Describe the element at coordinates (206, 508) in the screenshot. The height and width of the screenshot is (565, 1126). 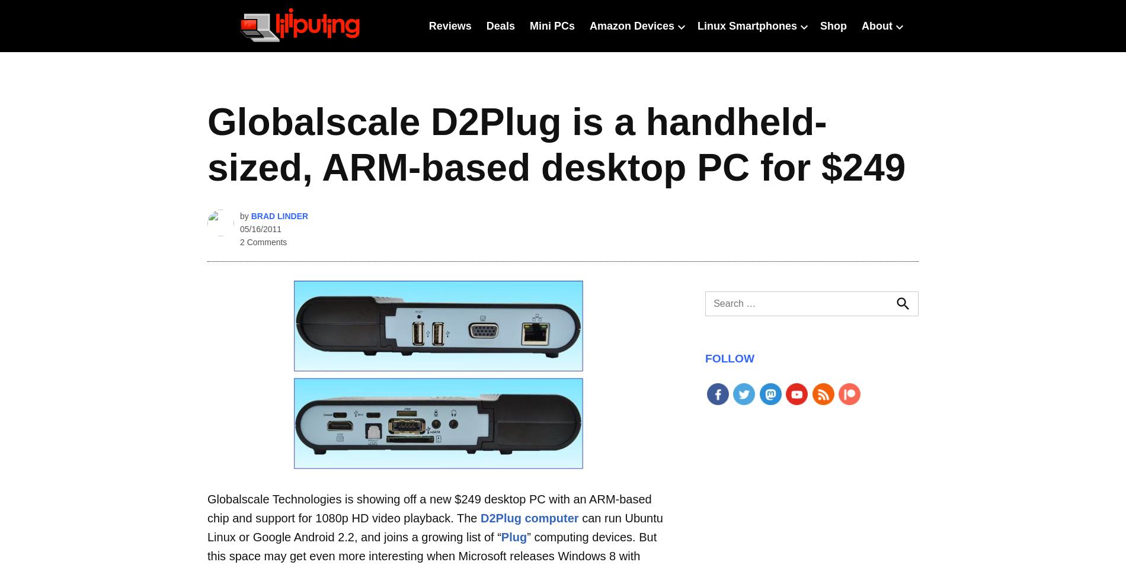
I see `'Globalscale Technologies is showing off a new $249 desktop PC with an ARM-based chip and support for 1080p HD video playback. The'` at that location.